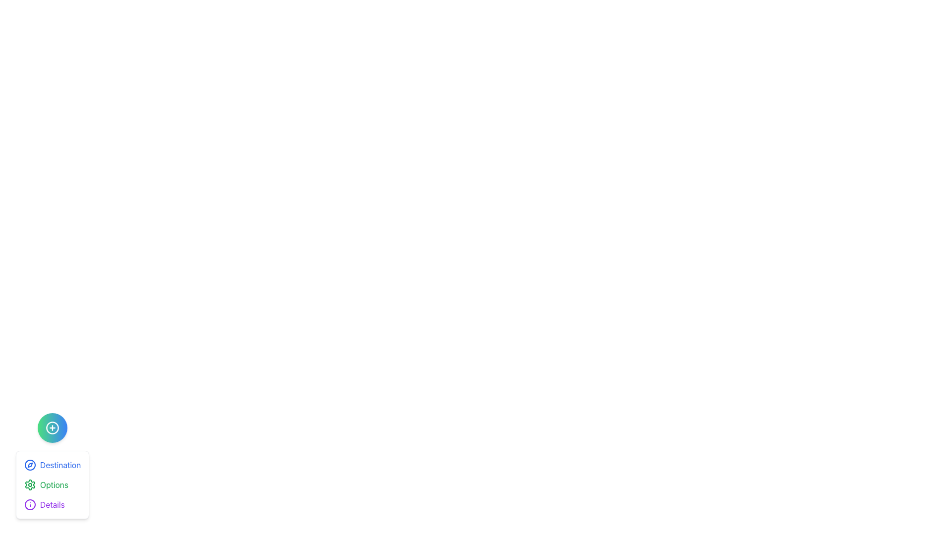 This screenshot has width=952, height=535. What do you see at coordinates (30, 465) in the screenshot?
I see `the circular compass icon with a blue outline that is the first item in the vertical menu, which also contains the label text 'Destination'` at bounding box center [30, 465].